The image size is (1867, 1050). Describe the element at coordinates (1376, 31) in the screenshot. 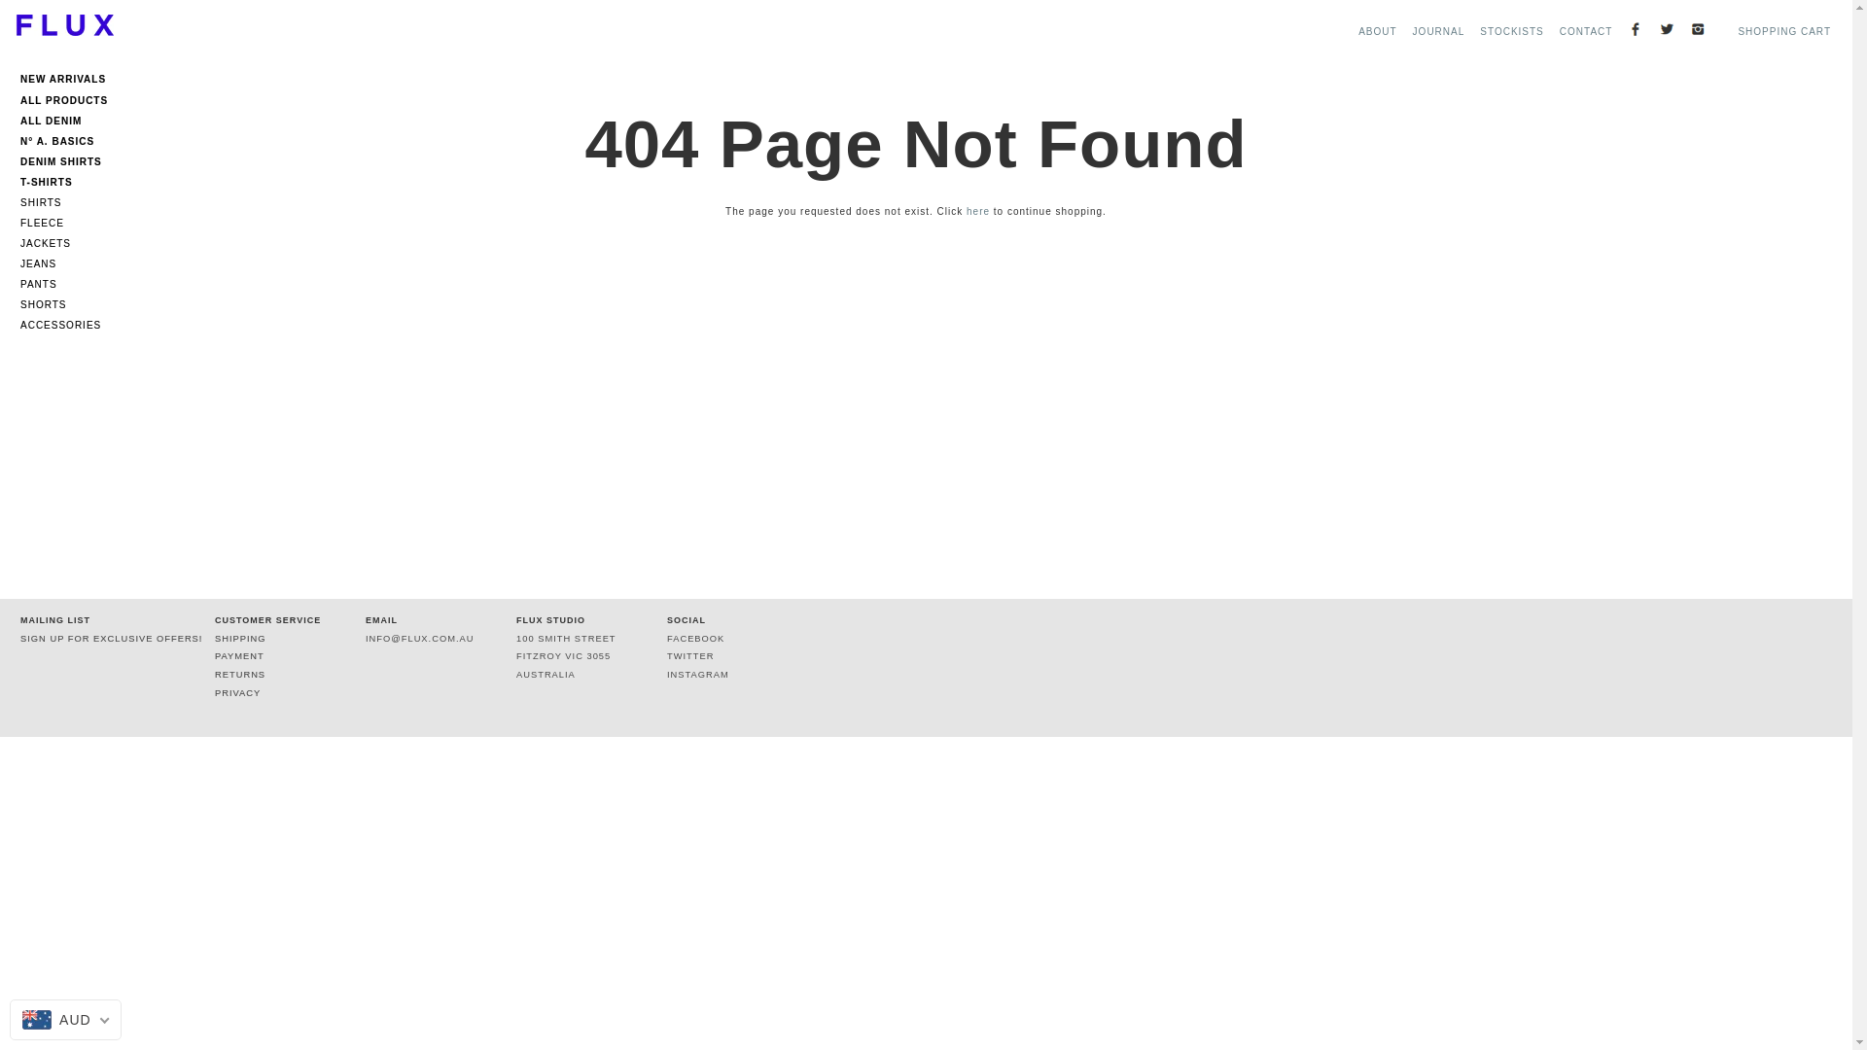

I see `'ABOUT'` at that location.